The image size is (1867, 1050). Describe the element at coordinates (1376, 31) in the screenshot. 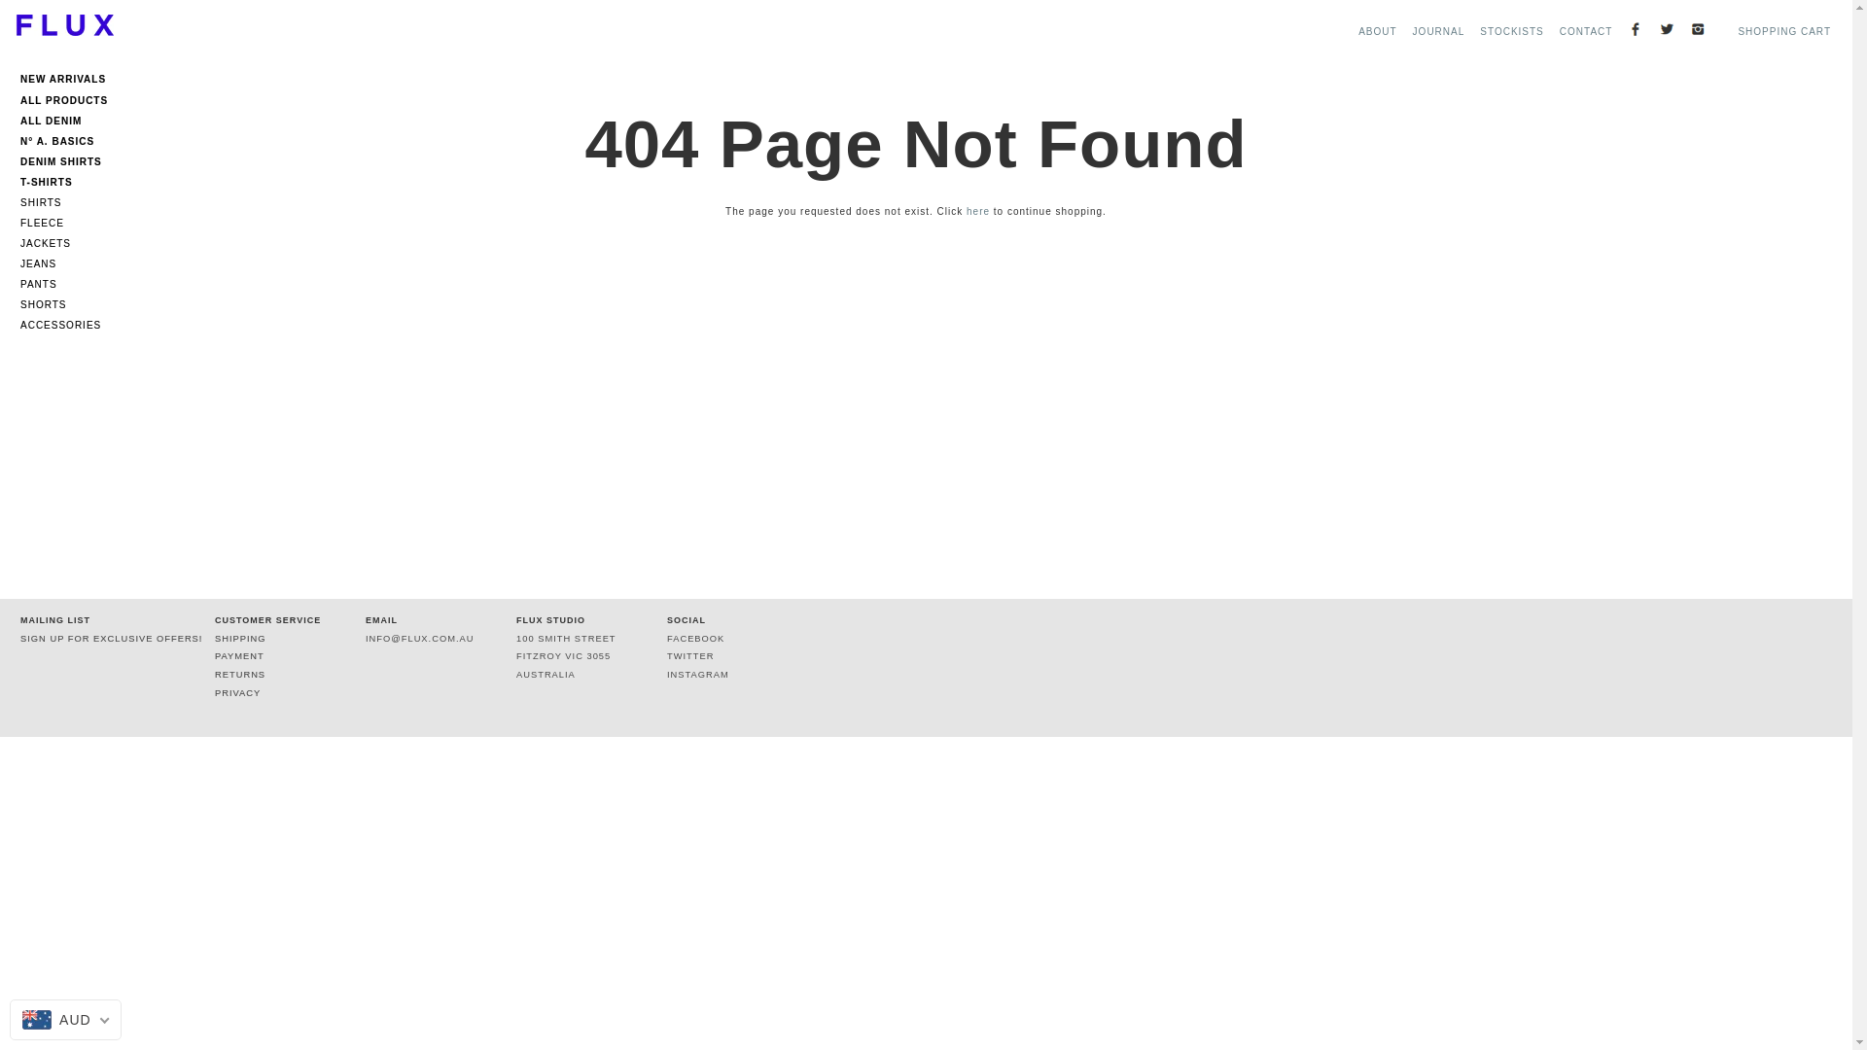

I see `'ABOUT'` at that location.